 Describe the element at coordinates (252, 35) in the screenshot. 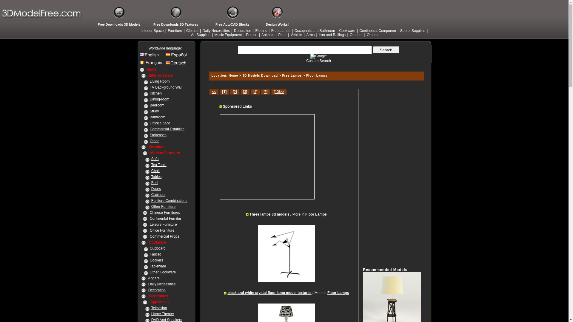

I see `'Person'` at that location.